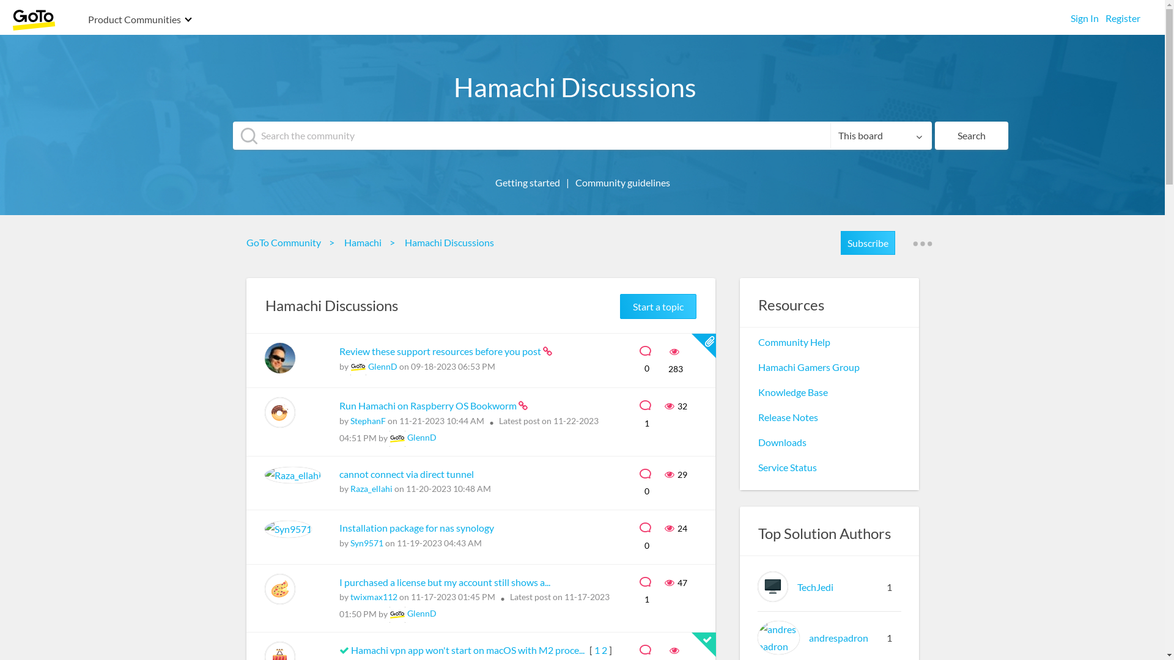 This screenshot has height=660, width=1174. Describe the element at coordinates (809, 366) in the screenshot. I see `'Hamachi Gamers Group'` at that location.